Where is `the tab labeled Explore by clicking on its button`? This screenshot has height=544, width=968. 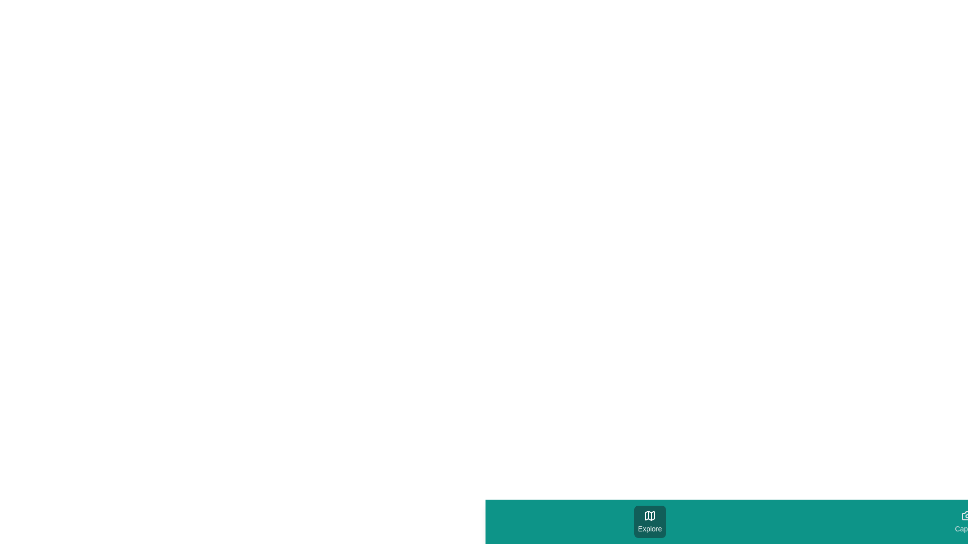 the tab labeled Explore by clicking on its button is located at coordinates (650, 521).